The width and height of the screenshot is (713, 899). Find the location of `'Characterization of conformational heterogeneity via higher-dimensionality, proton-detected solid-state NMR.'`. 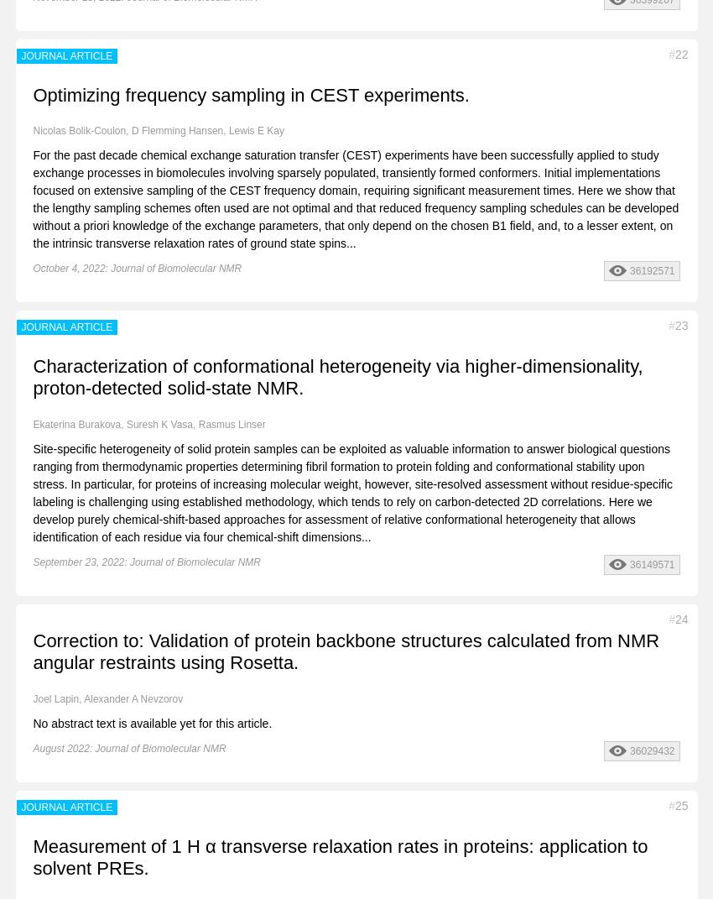

'Characterization of conformational heterogeneity via higher-dimensionality, proton-detected solid-state NMR.' is located at coordinates (337, 376).